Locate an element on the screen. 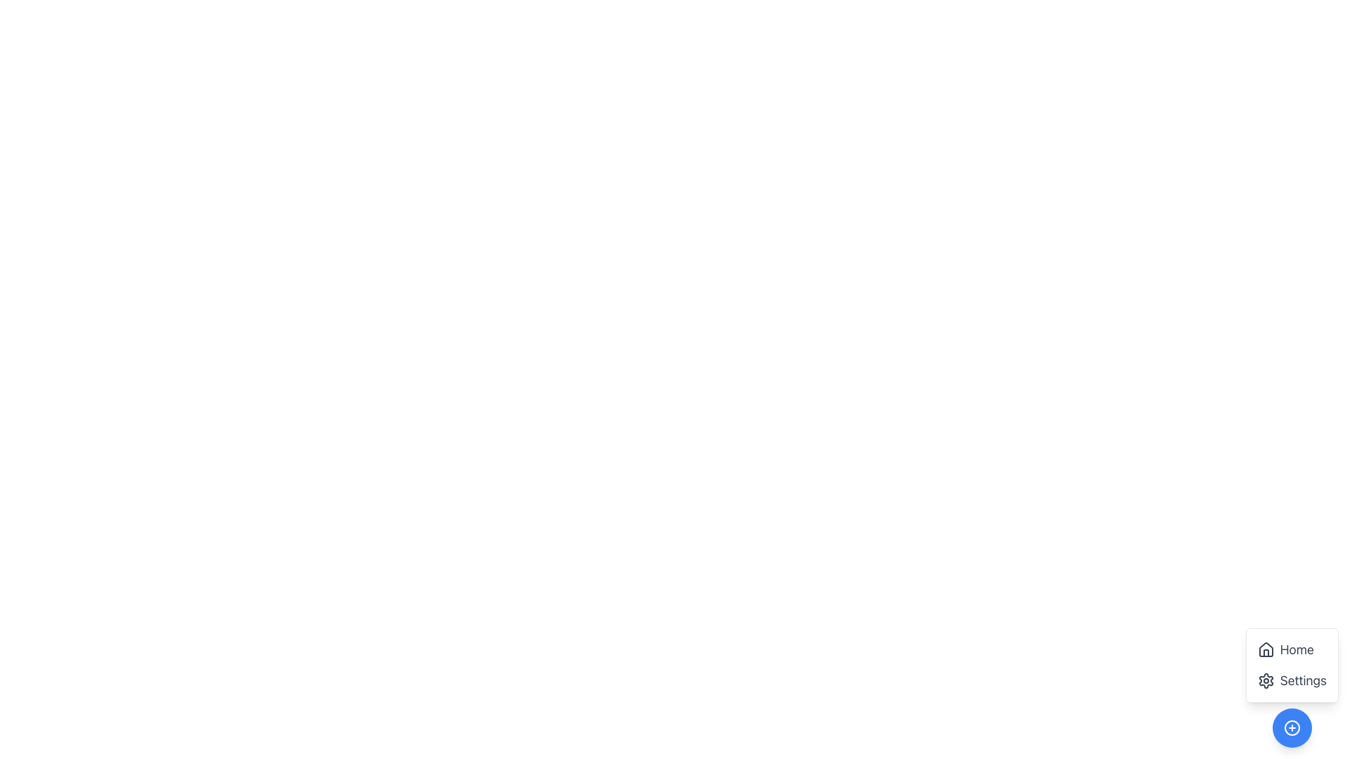 The width and height of the screenshot is (1350, 759). the gear icon in the lower-right corner of the interface is located at coordinates (1266, 680).